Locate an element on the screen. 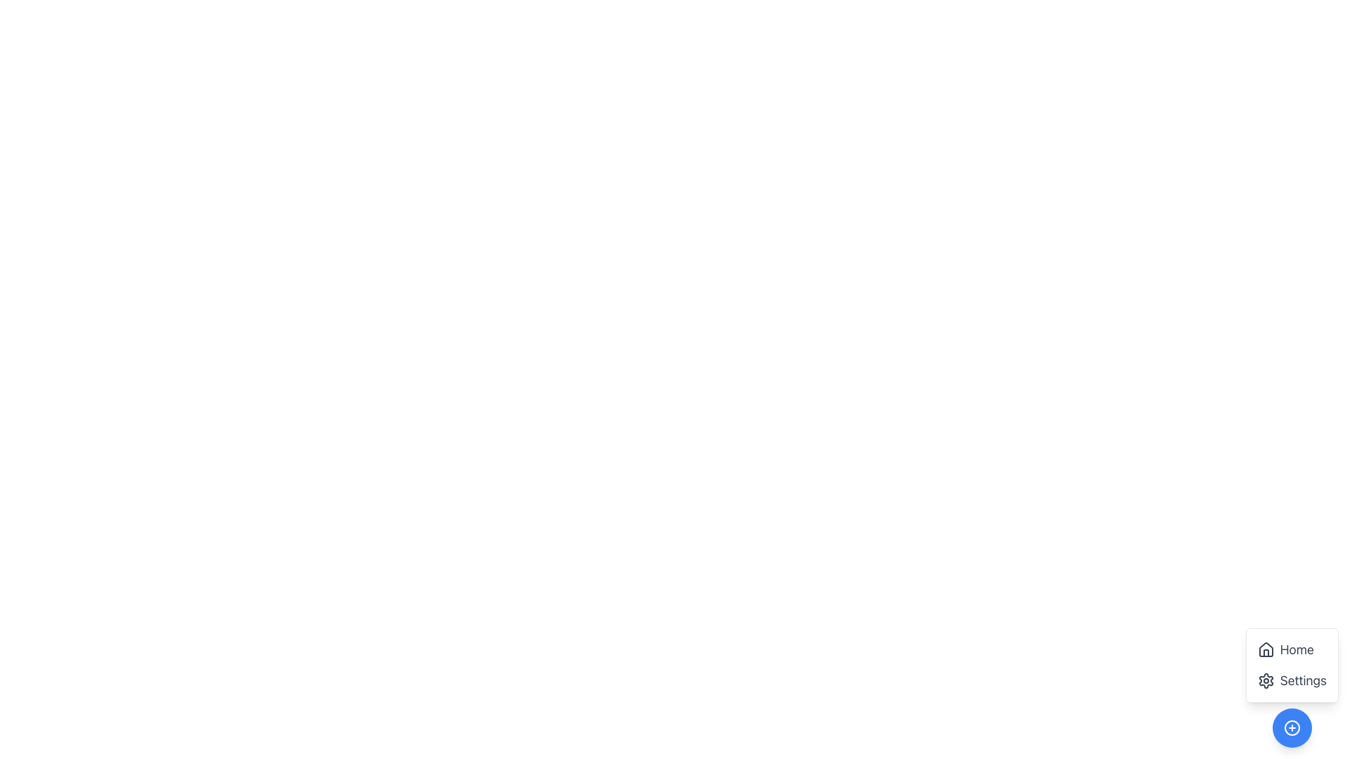 The width and height of the screenshot is (1350, 759). the gear icon in the lower-right corner of the interface is located at coordinates (1266, 680).